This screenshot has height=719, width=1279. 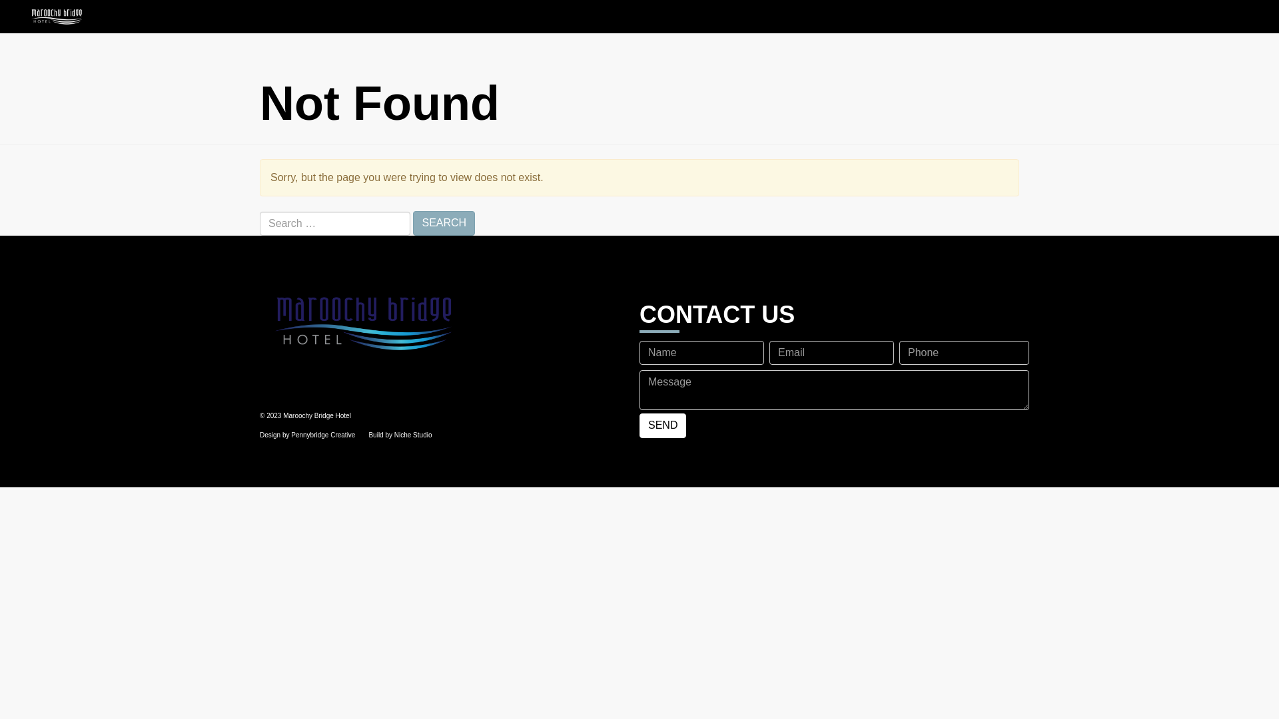 What do you see at coordinates (0, 16) in the screenshot?
I see `'Maroochy Bridge Hotel'` at bounding box center [0, 16].